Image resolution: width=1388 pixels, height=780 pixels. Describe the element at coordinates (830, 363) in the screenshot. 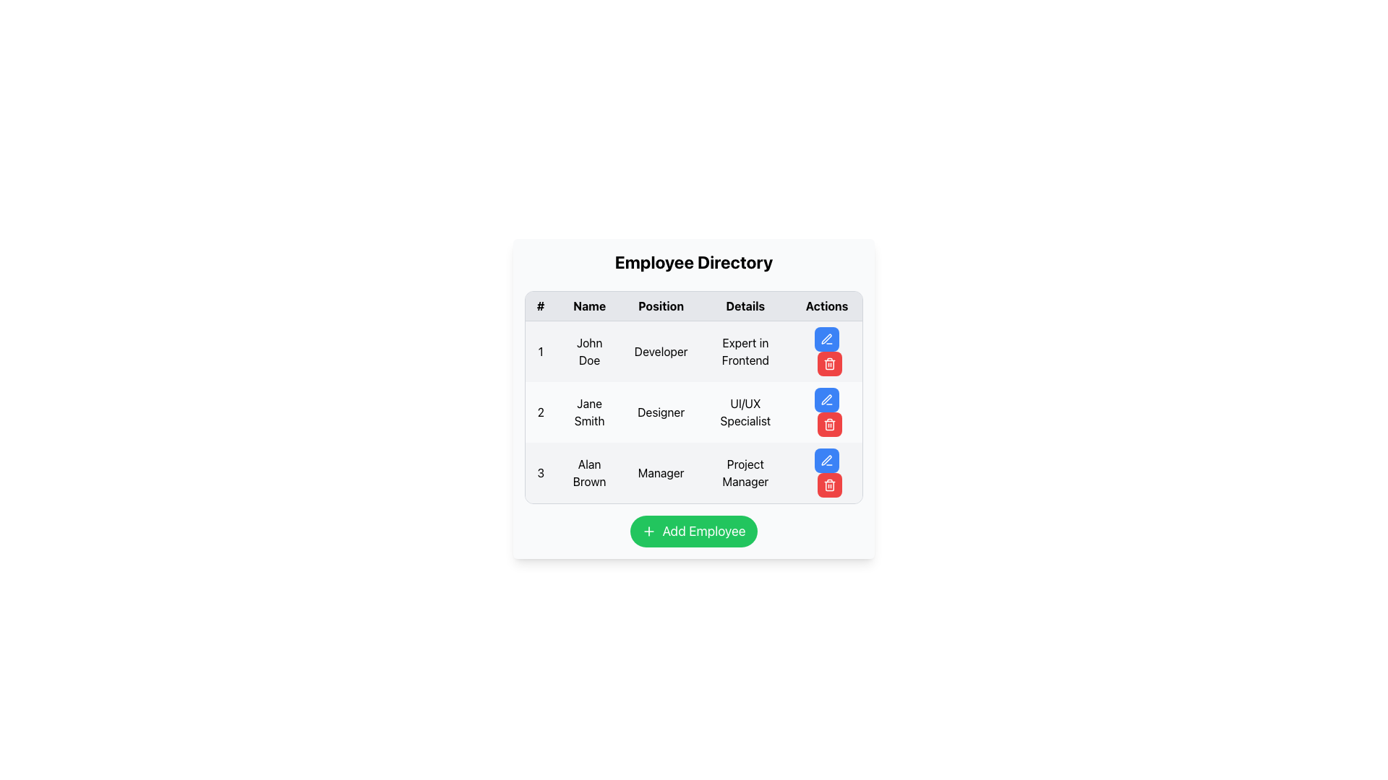

I see `the trash can icon button in the actions column of the third row associated with employee 'Alan Brown'` at that location.